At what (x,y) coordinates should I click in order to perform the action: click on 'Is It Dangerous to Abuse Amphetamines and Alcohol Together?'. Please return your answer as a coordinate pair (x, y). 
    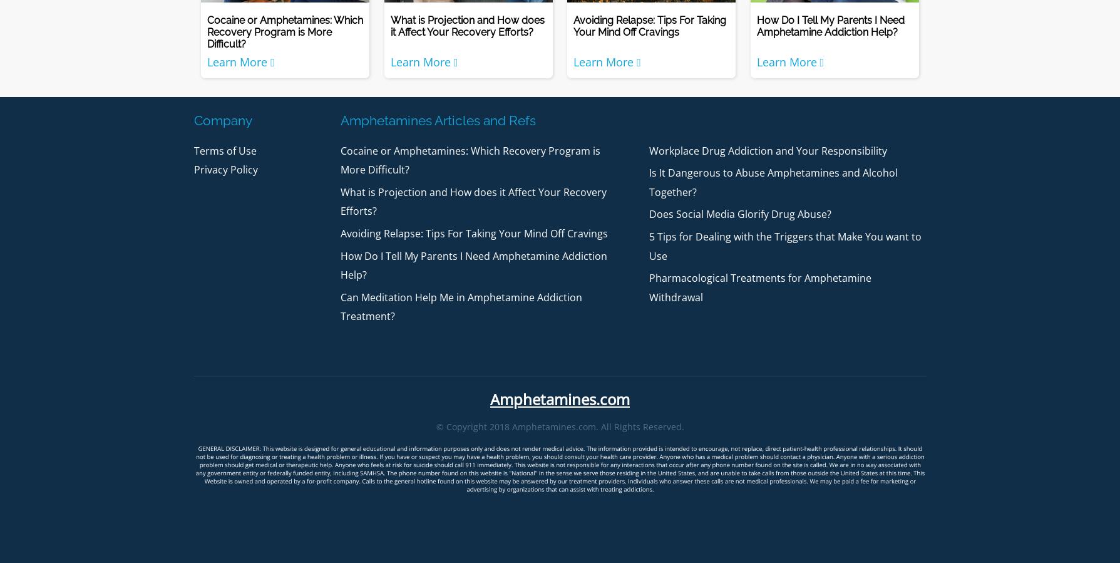
    Looking at the image, I should click on (773, 182).